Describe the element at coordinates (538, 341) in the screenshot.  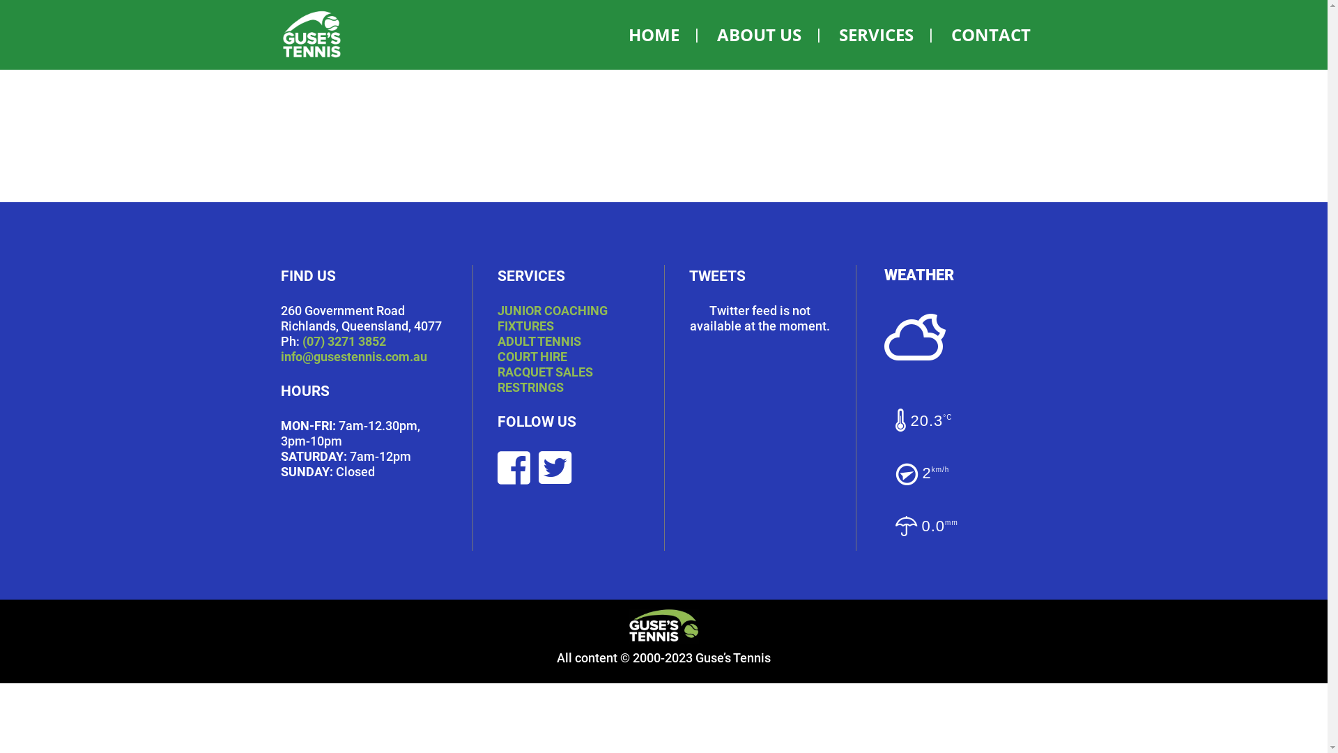
I see `'ADULT TENNIS'` at that location.